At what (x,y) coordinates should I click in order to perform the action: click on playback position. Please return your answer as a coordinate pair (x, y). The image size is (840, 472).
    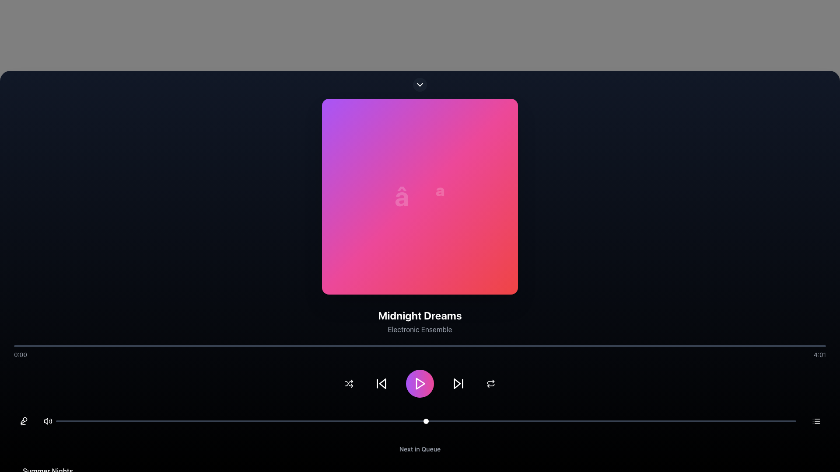
    Looking at the image, I should click on (476, 345).